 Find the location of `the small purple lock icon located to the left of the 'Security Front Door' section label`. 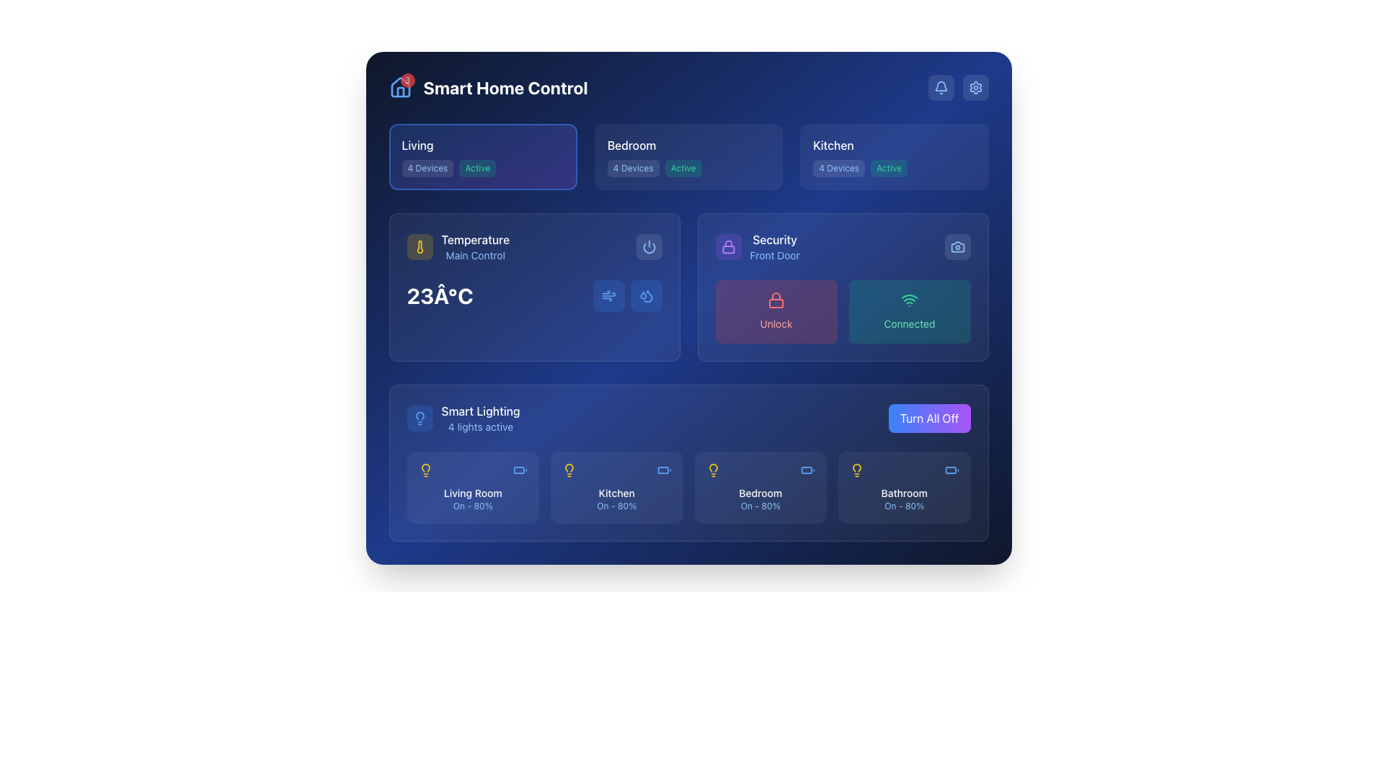

the small purple lock icon located to the left of the 'Security Front Door' section label is located at coordinates (728, 246).